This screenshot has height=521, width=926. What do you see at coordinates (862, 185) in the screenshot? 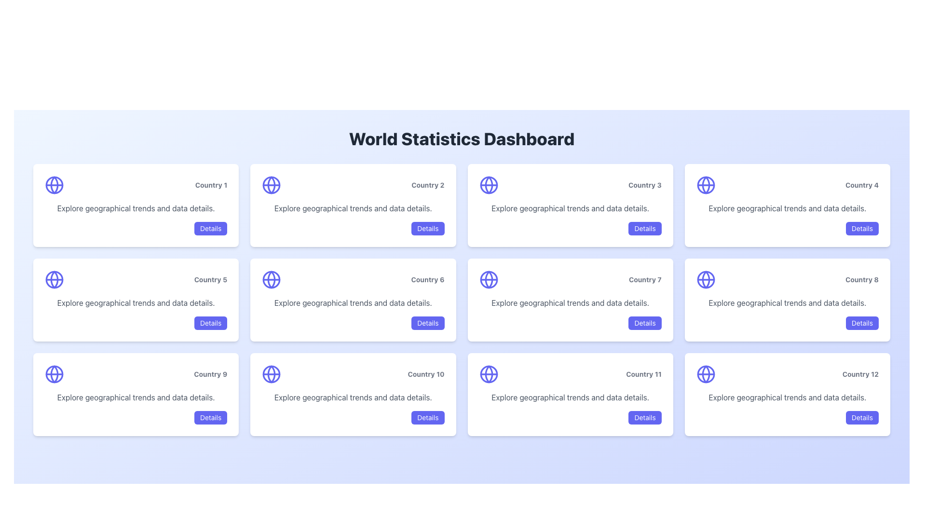
I see `the informational Text Label located at the top right corner of the box card representing Country 4 details` at bounding box center [862, 185].